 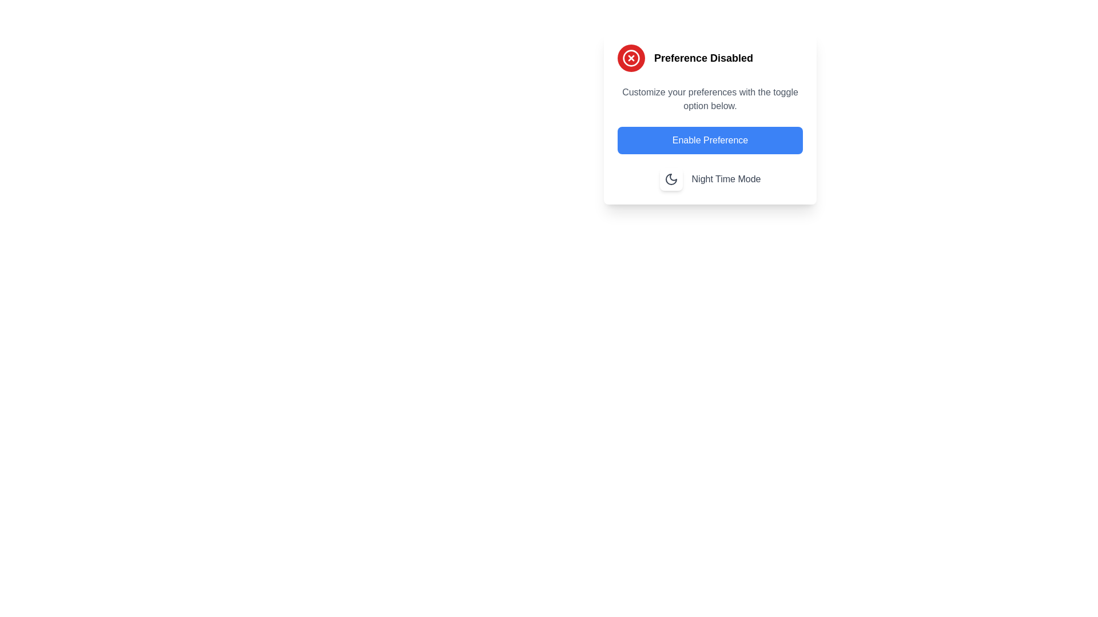 I want to click on the text block that reads 'Customize your preferences with the toggle option below.', which is visually distinct and located below the 'Preference Disabled' title and above the 'Enable Preference' button, so click(x=710, y=98).